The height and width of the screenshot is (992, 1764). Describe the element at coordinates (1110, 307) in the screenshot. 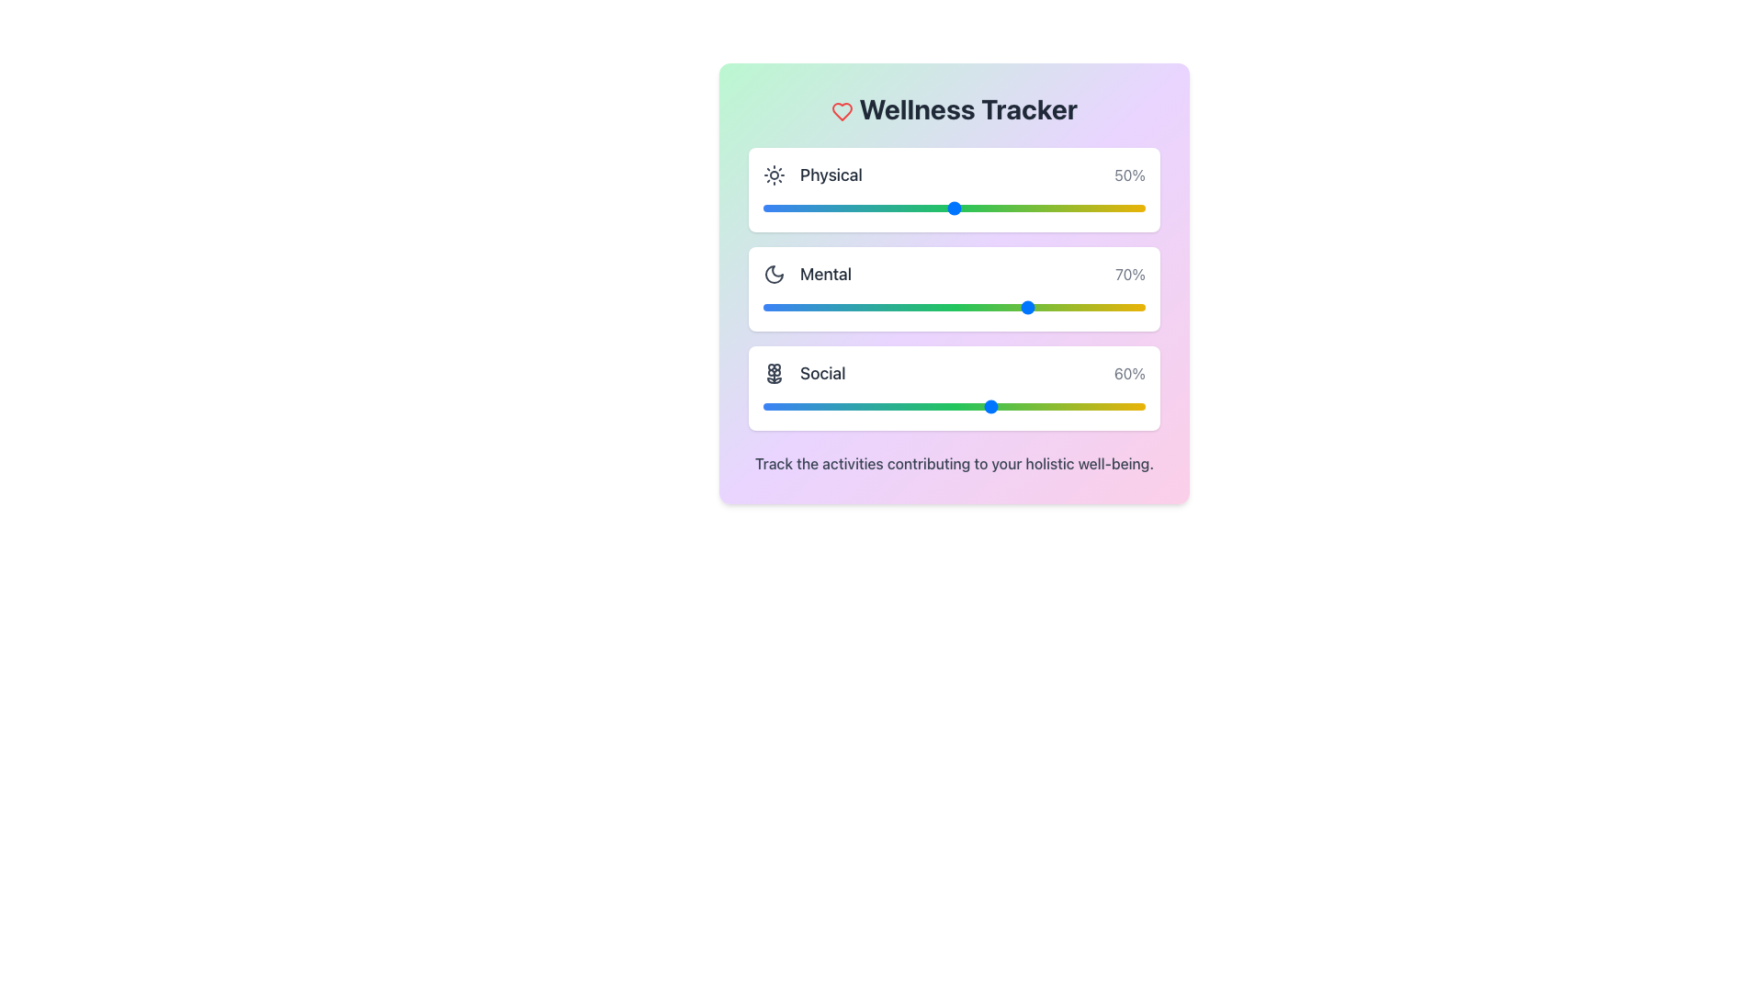

I see `the slider` at that location.